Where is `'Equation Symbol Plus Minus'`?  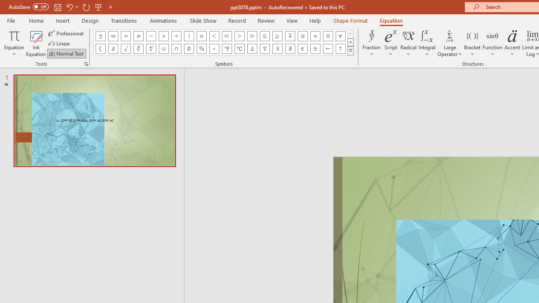
'Equation Symbol Plus Minus' is located at coordinates (100, 36).